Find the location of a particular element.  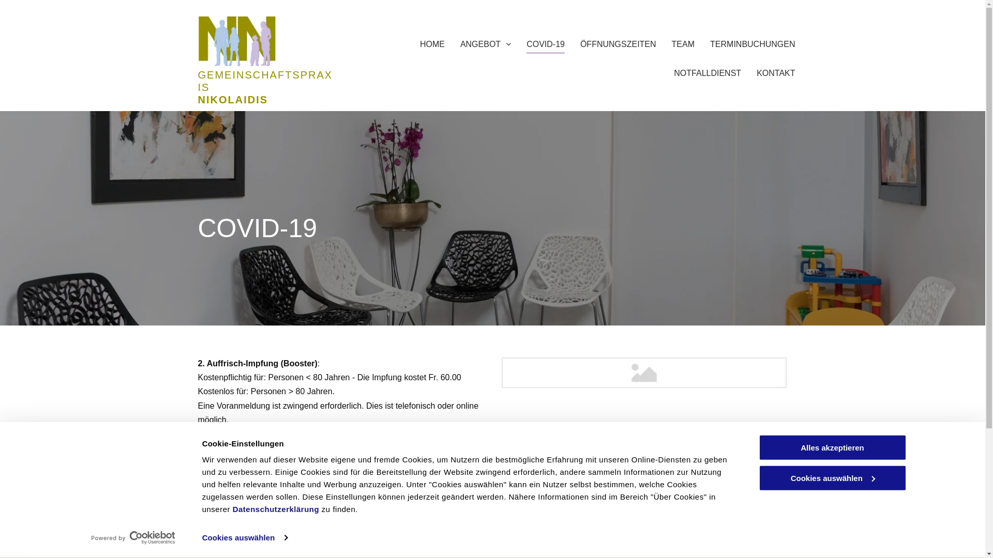

'NOTFALLDIENST' is located at coordinates (673, 70).